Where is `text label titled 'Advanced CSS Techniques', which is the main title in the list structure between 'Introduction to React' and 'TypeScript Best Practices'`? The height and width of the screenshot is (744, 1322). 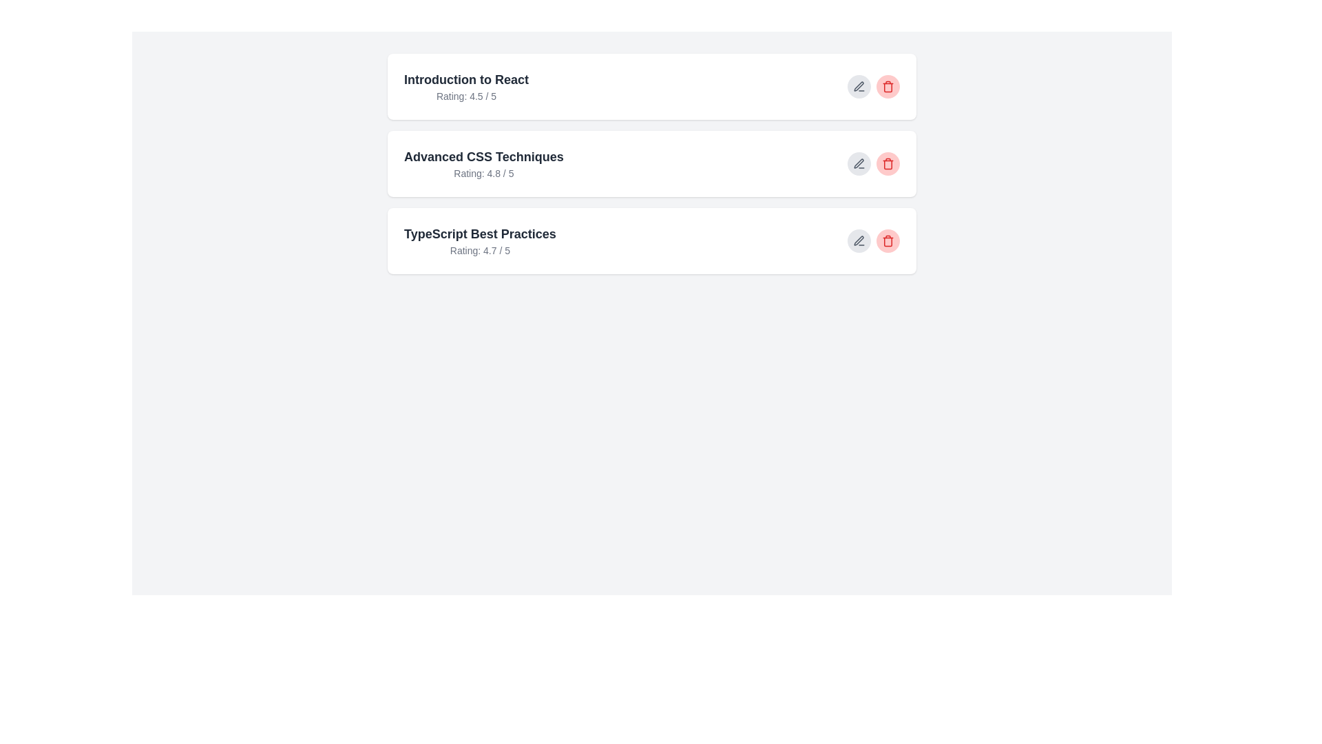 text label titled 'Advanced CSS Techniques', which is the main title in the list structure between 'Introduction to React' and 'TypeScript Best Practices' is located at coordinates (483, 156).